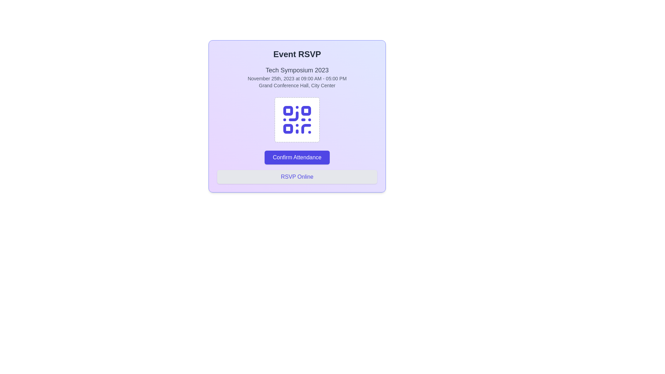 This screenshot has height=374, width=665. Describe the element at coordinates (294, 116) in the screenshot. I see `the dark blue curved line segment of the QR code located in the right-middle section of the QR code icon on the RSVP card` at that location.